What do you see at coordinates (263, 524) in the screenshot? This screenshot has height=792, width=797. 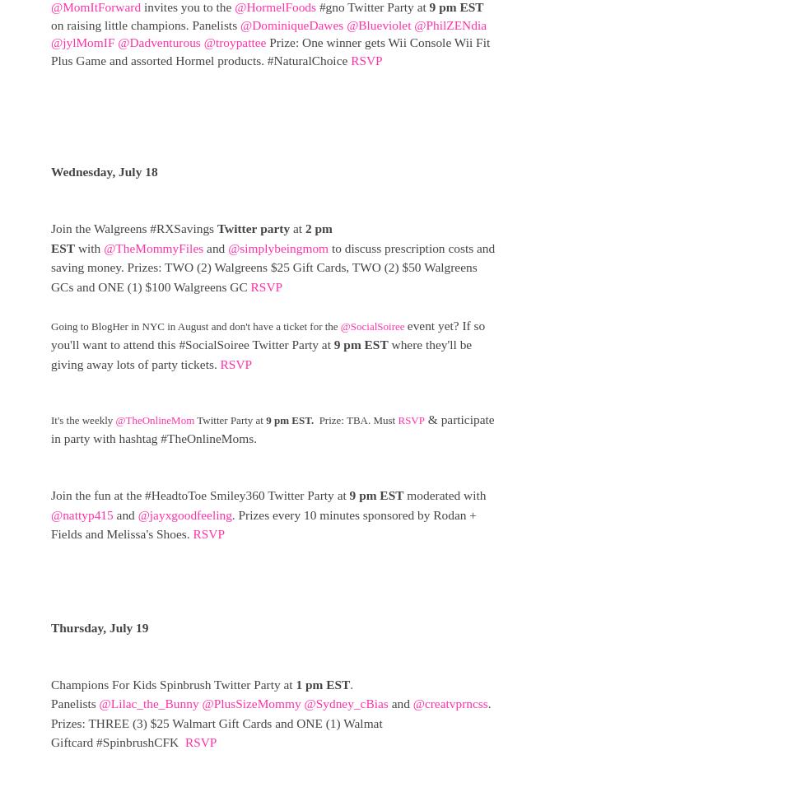 I see `'. Prizes every 10 minutes sponsored by Rodan + Fields and Melissa's Shoes.'` at bounding box center [263, 524].